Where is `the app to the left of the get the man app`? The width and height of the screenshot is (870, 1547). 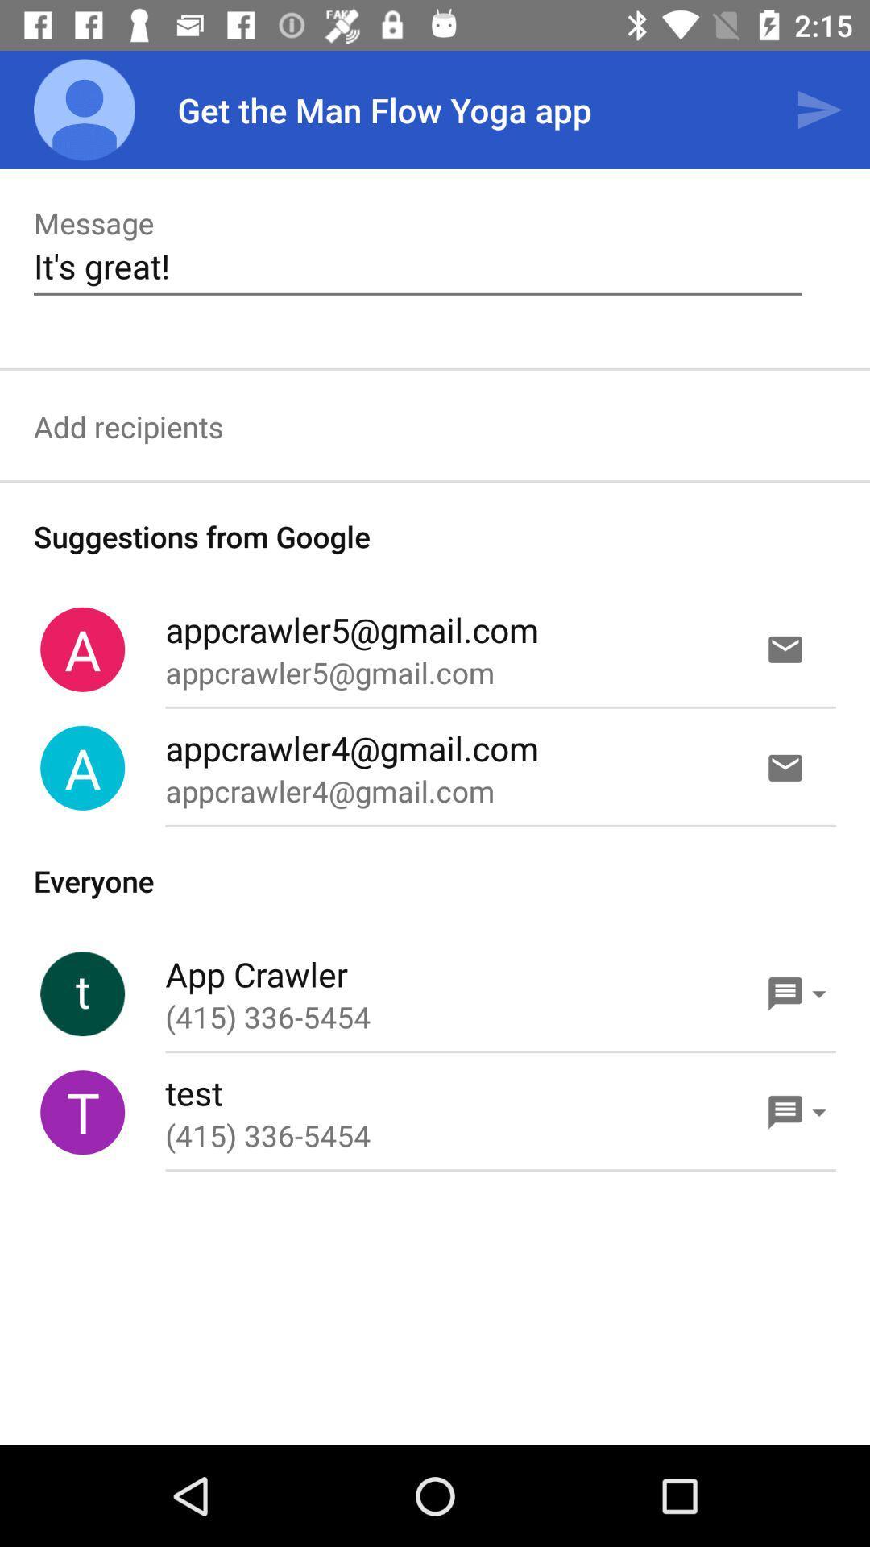 the app to the left of the get the man app is located at coordinates (84, 109).